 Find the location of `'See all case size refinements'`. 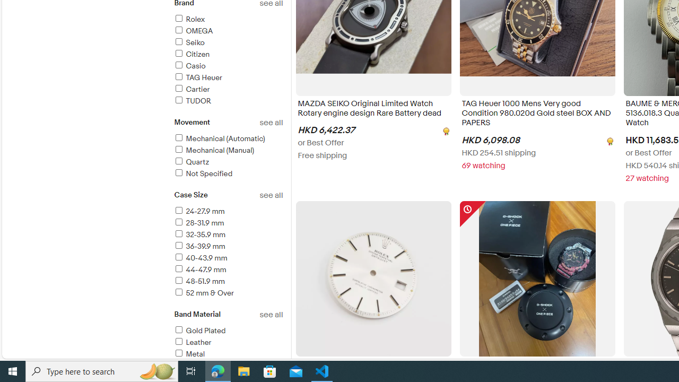

'See all case size refinements' is located at coordinates (271, 195).